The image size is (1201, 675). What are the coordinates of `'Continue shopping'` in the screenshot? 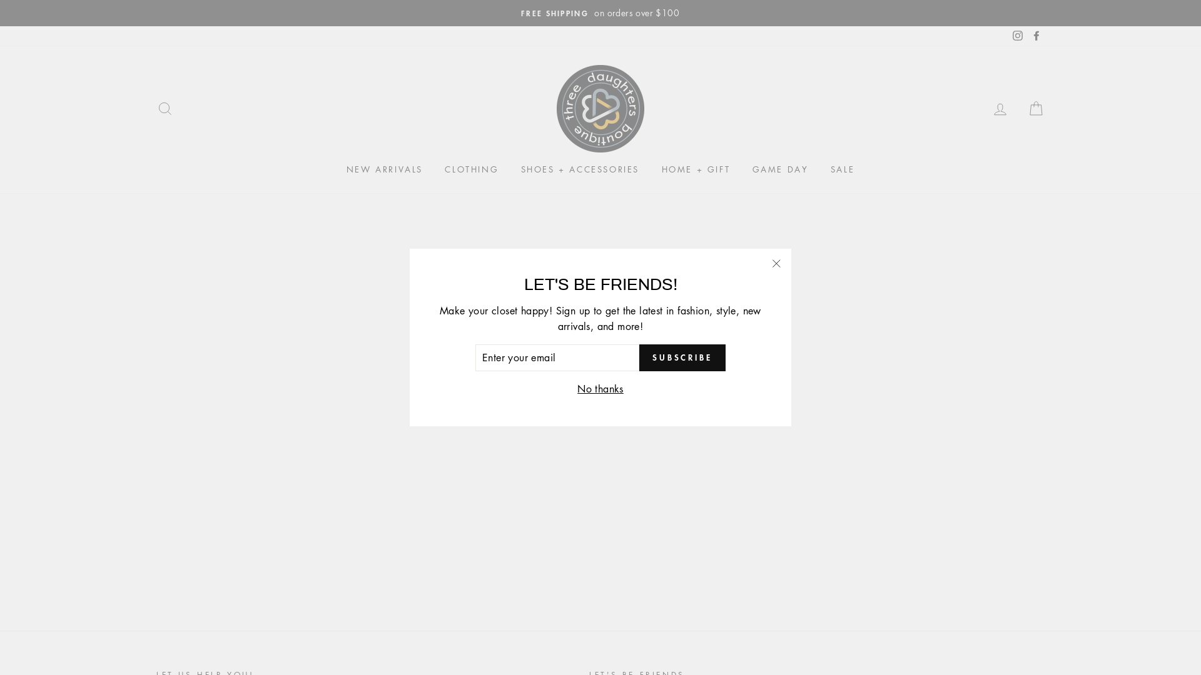 It's located at (557, 351).